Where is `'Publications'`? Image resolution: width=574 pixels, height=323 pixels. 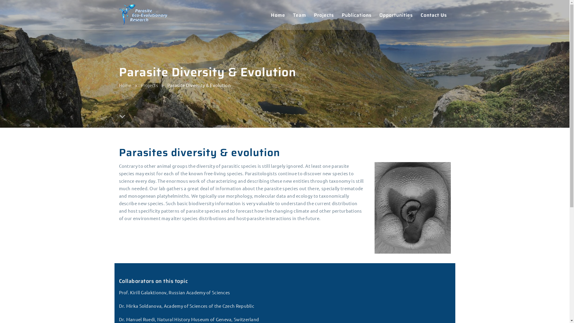 'Publications' is located at coordinates (357, 15).